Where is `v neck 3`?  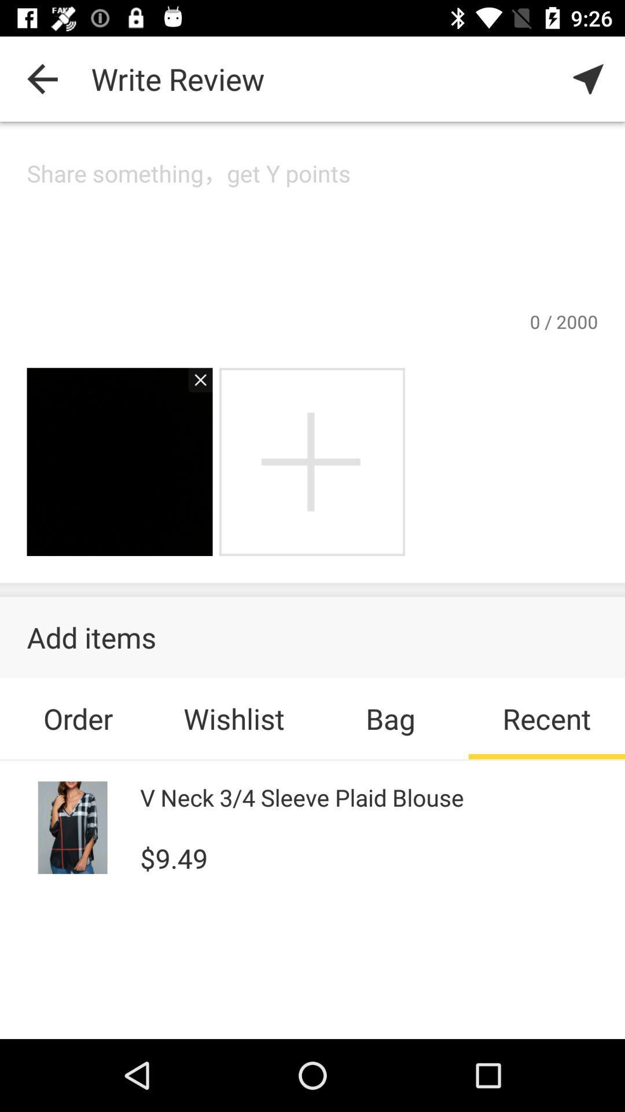
v neck 3 is located at coordinates (301, 796).